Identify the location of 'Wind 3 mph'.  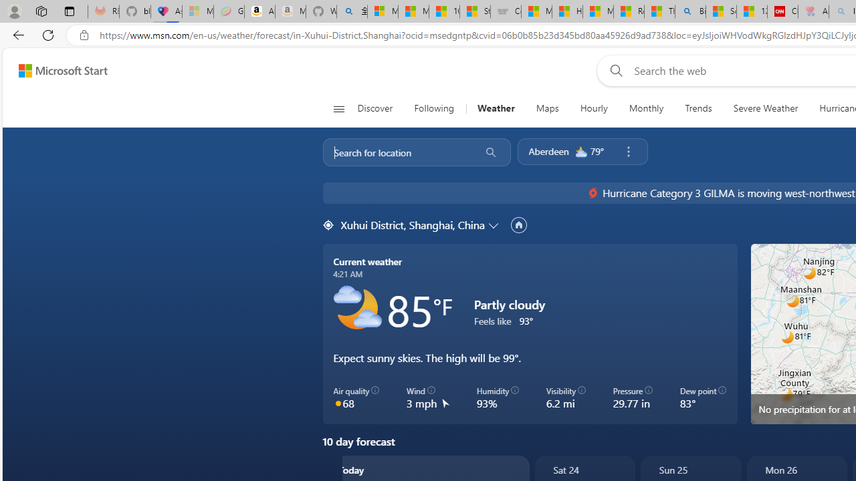
(428, 397).